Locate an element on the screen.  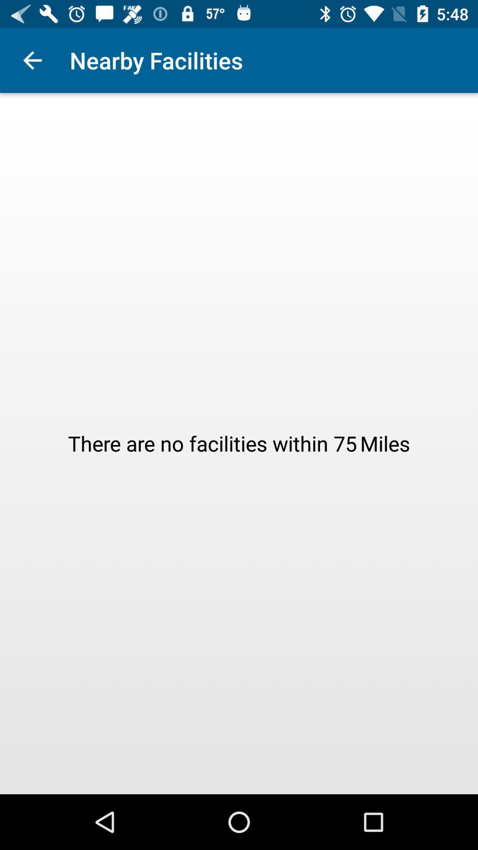
the app to the left of the nearby facilities icon is located at coordinates (32, 60).